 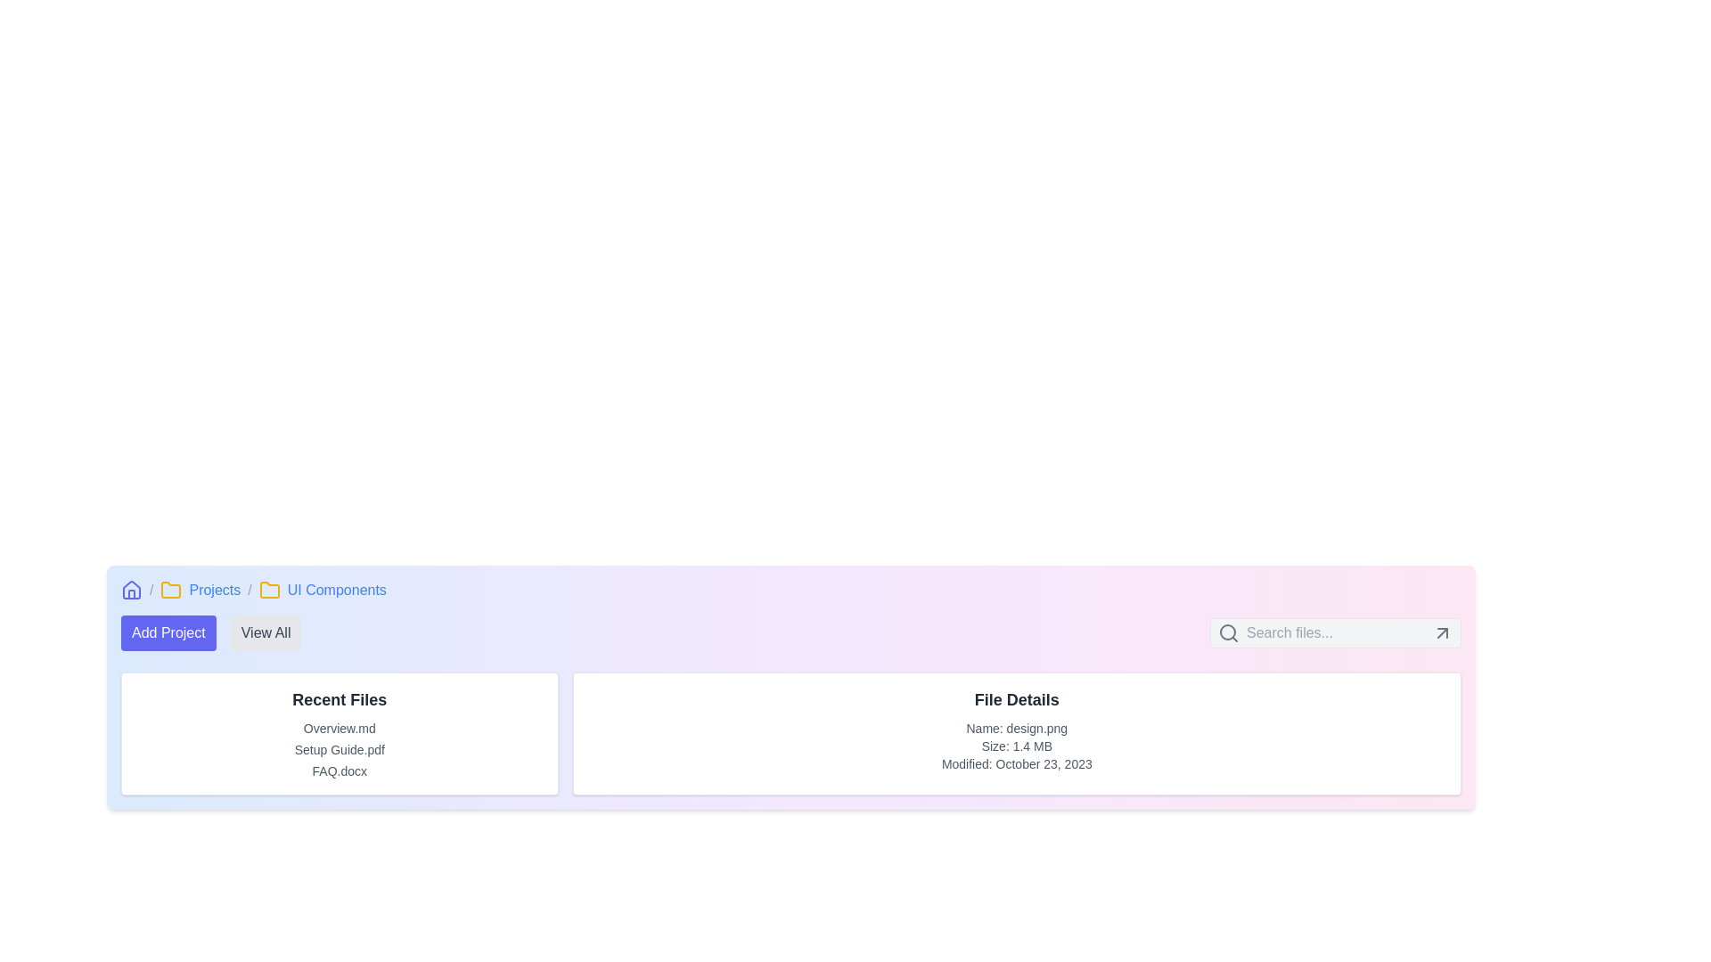 What do you see at coordinates (214, 591) in the screenshot?
I see `the blue hyperlink 'Projects' in the breadcrumb navigation bar` at bounding box center [214, 591].